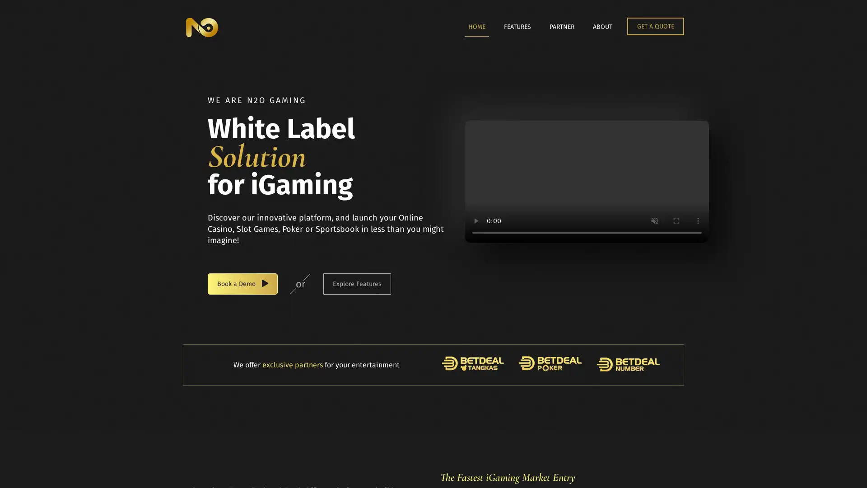  Describe the element at coordinates (654, 221) in the screenshot. I see `unmute` at that location.